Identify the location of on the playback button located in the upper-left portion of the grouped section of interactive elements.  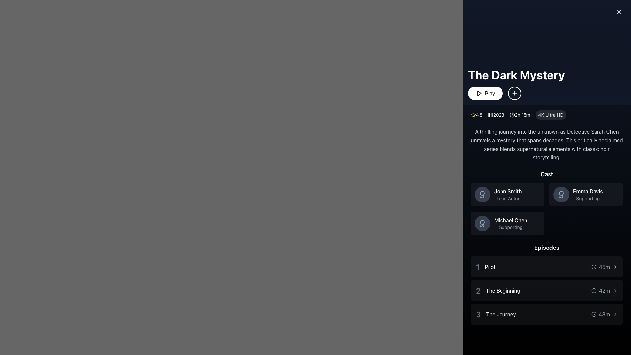
(485, 93).